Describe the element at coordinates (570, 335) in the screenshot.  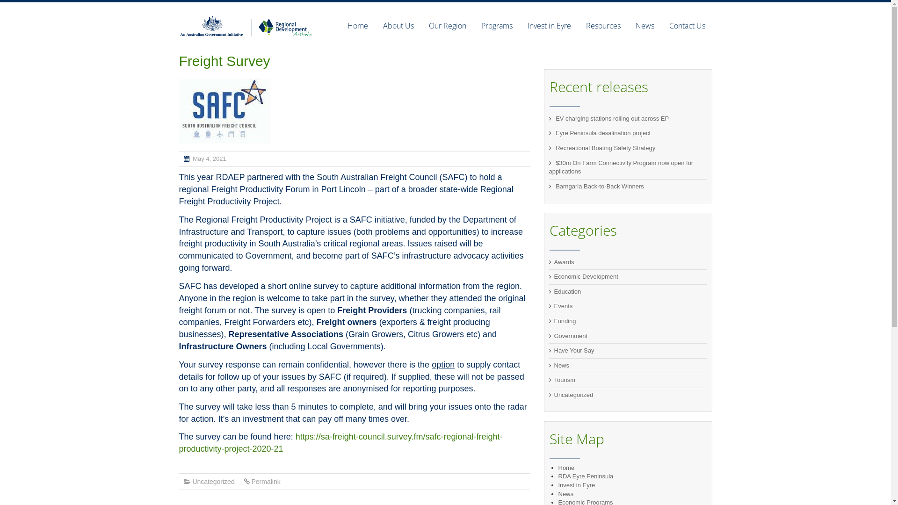
I see `'Government'` at that location.